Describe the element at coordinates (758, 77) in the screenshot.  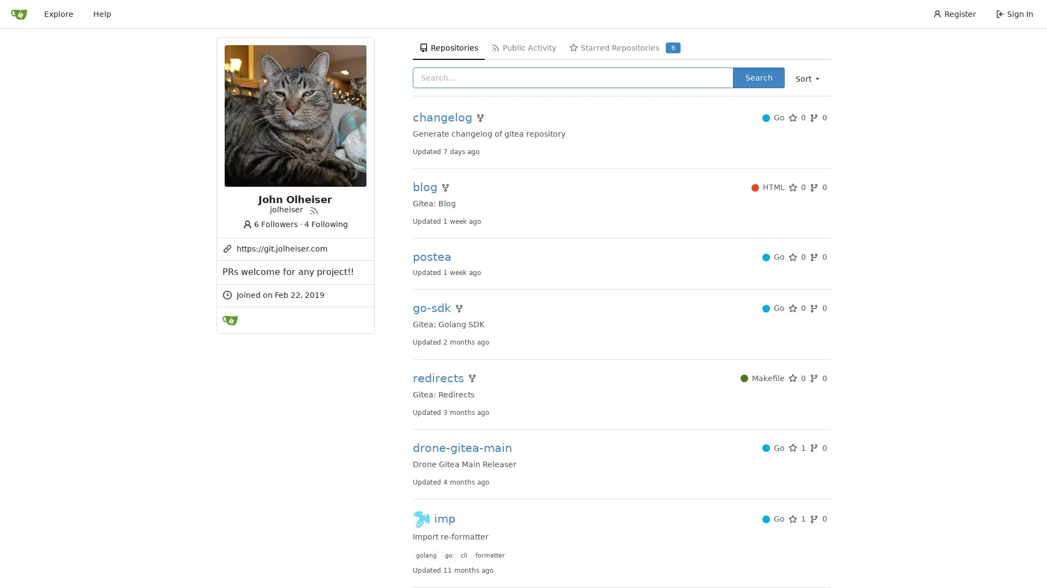
I see `Search` at that location.